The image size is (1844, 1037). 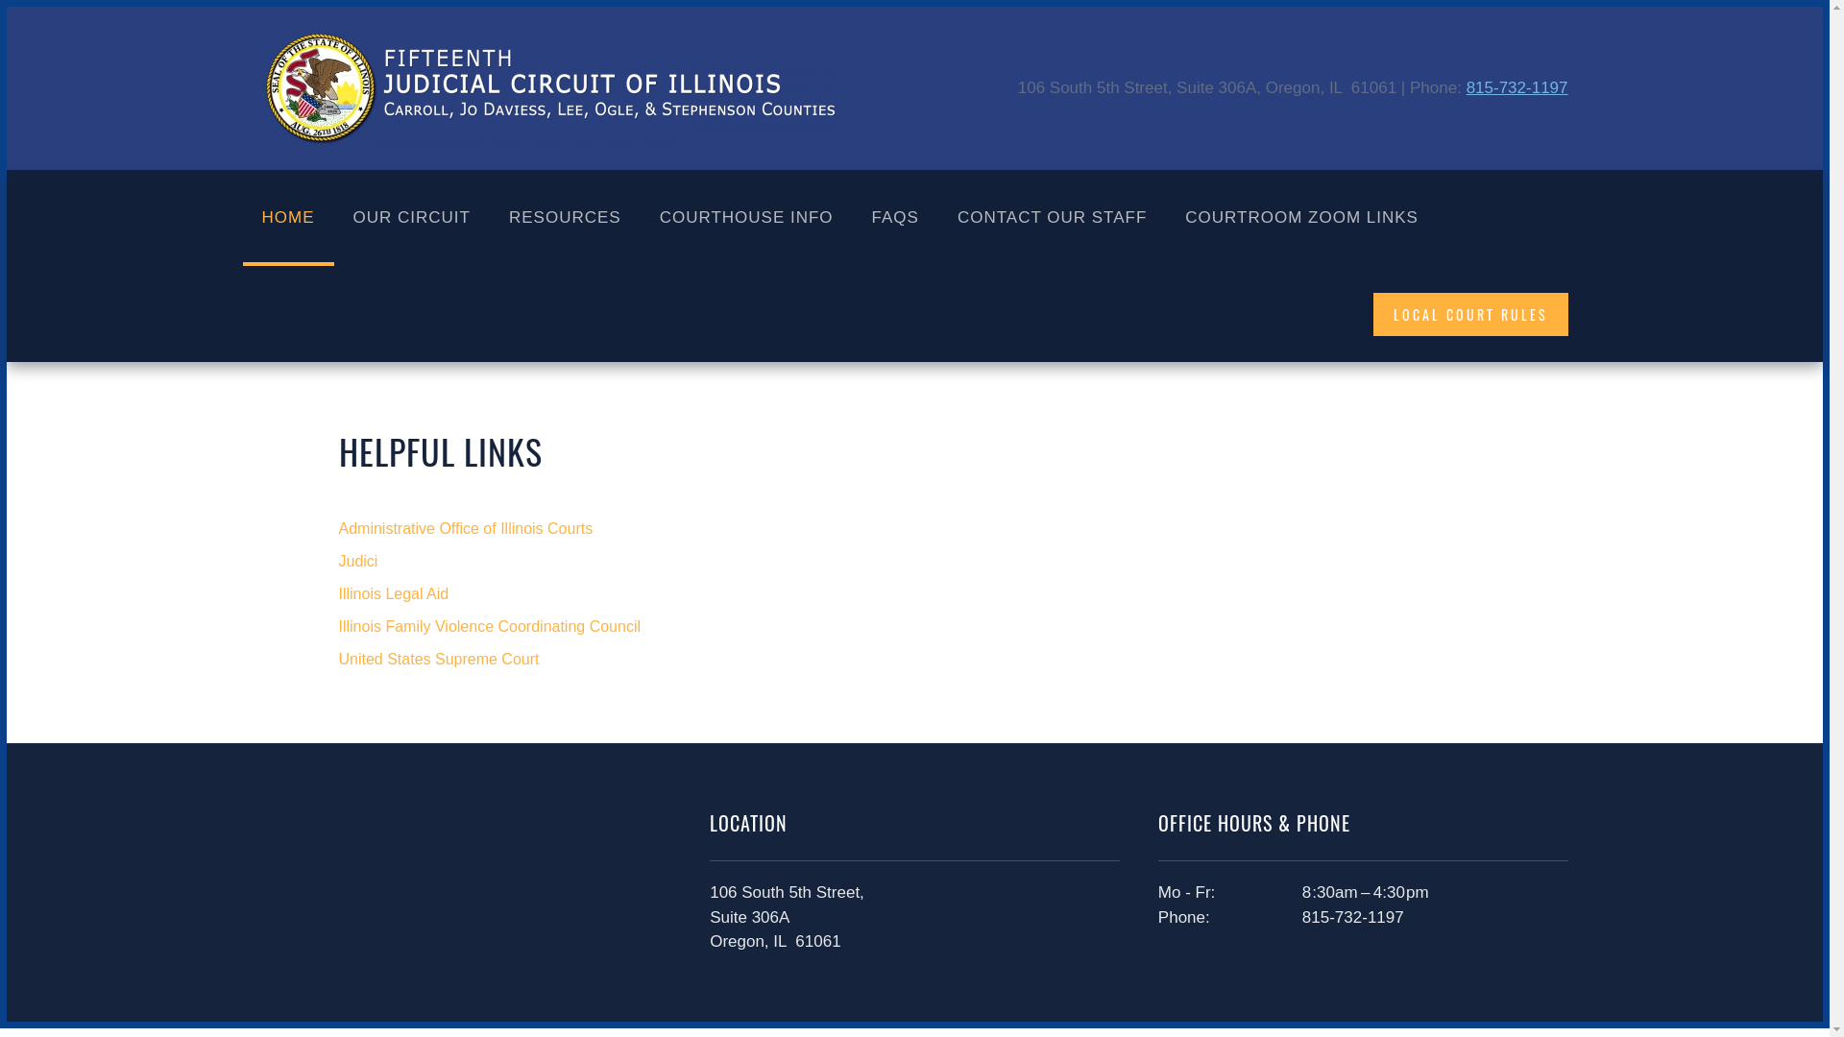 What do you see at coordinates (1051, 217) in the screenshot?
I see `'CONTACT OUR STAFF'` at bounding box center [1051, 217].